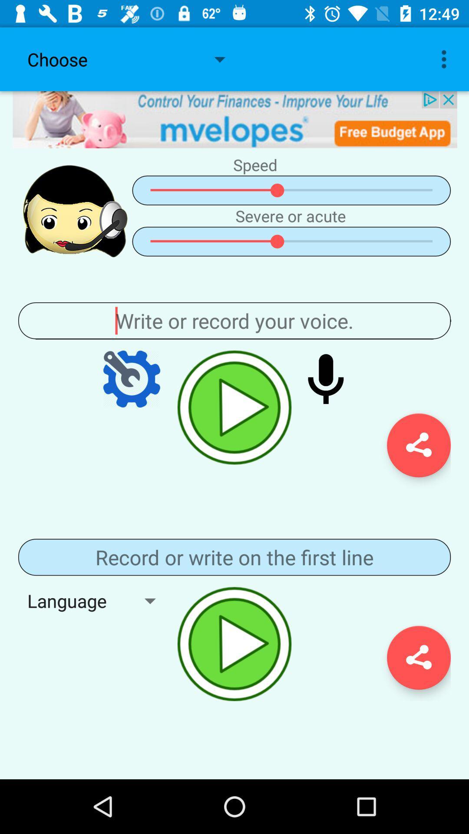  What do you see at coordinates (418, 445) in the screenshot?
I see `share the app` at bounding box center [418, 445].